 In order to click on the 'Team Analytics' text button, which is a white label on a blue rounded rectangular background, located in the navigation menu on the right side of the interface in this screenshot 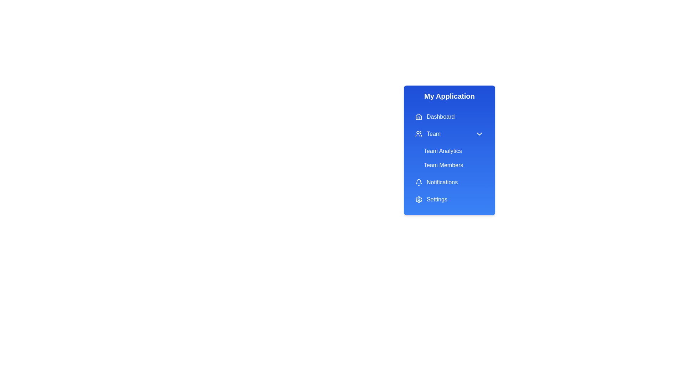, I will do `click(453, 151)`.